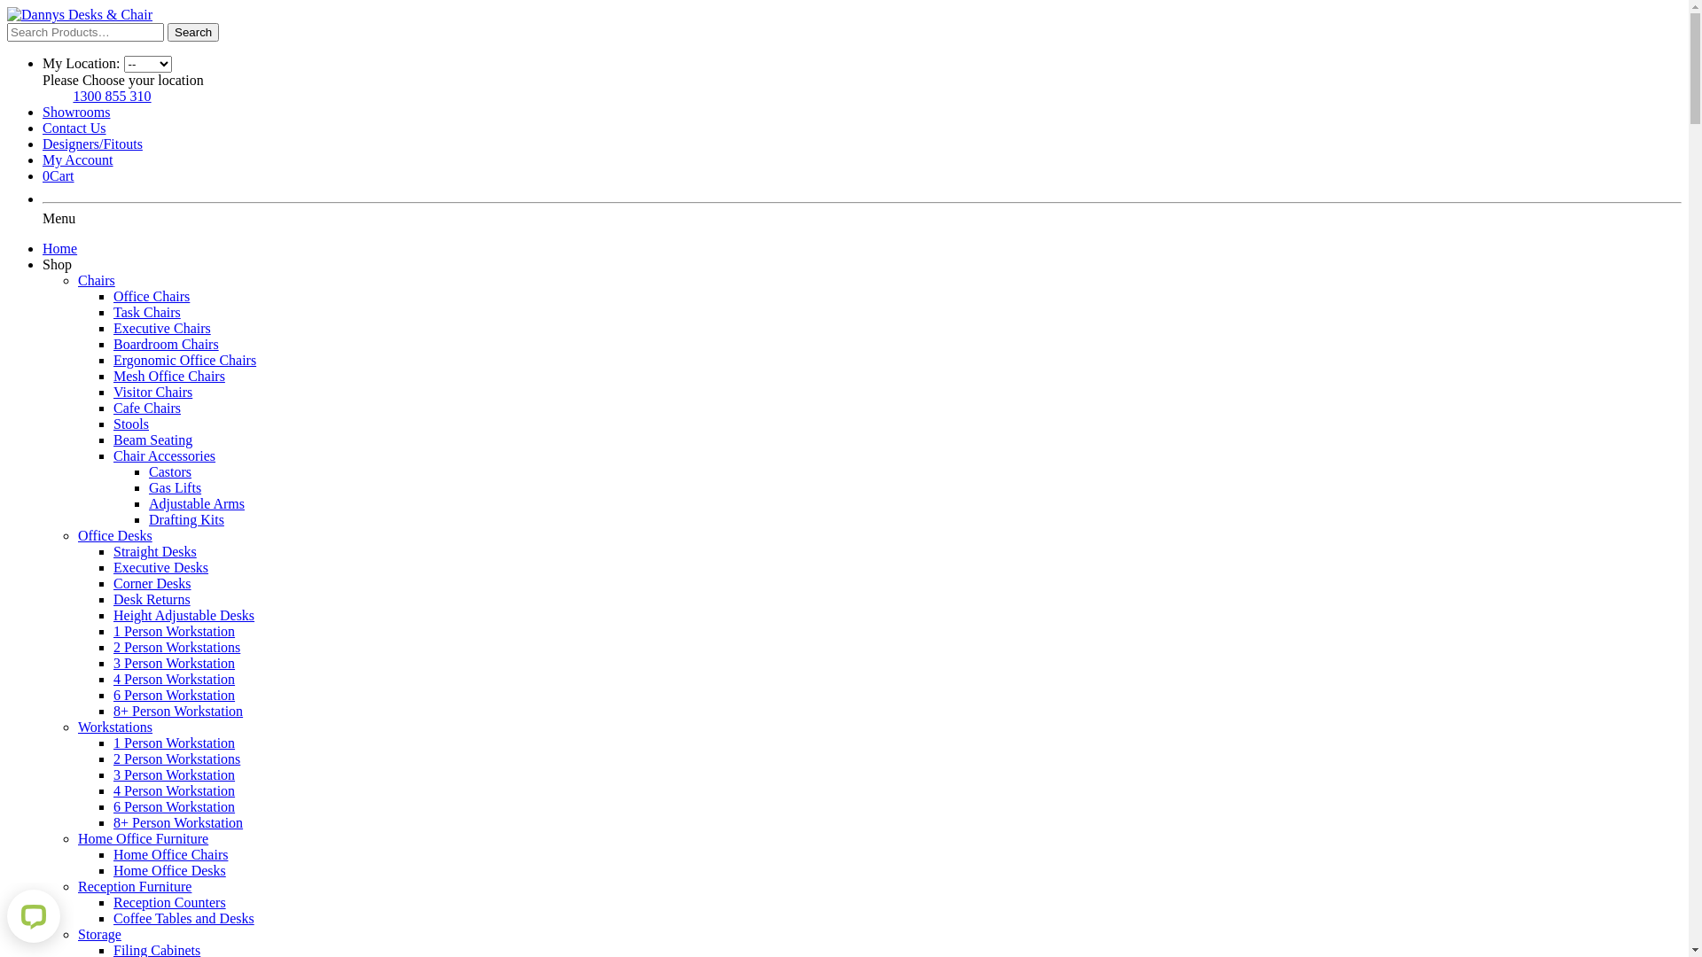 This screenshot has height=957, width=1702. I want to click on 'Reception Counters', so click(169, 902).